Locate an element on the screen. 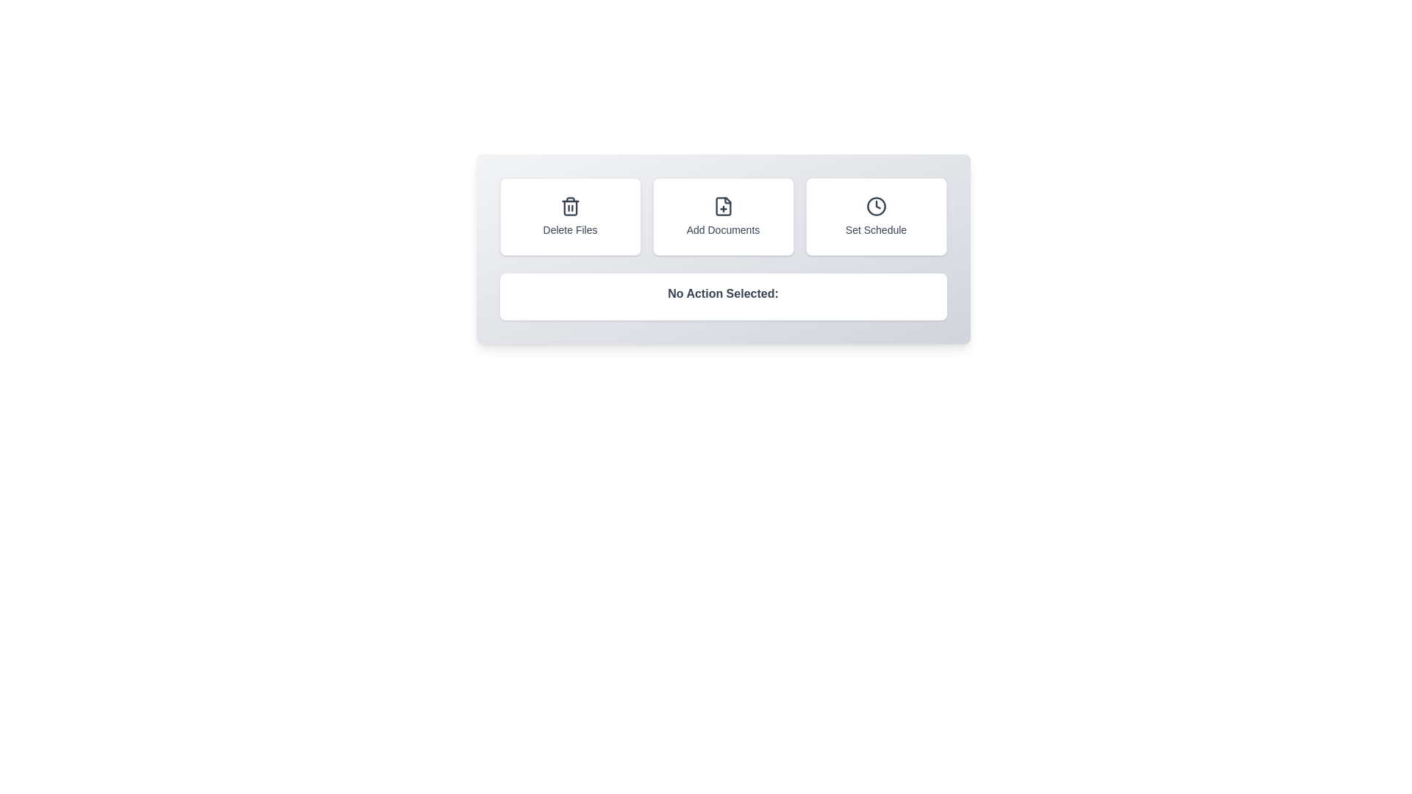  the 'Add Documents' button, which is a rectangular button with a white background and a document icon with a plus symbol, located at the center of a grid layout is located at coordinates (723, 216).